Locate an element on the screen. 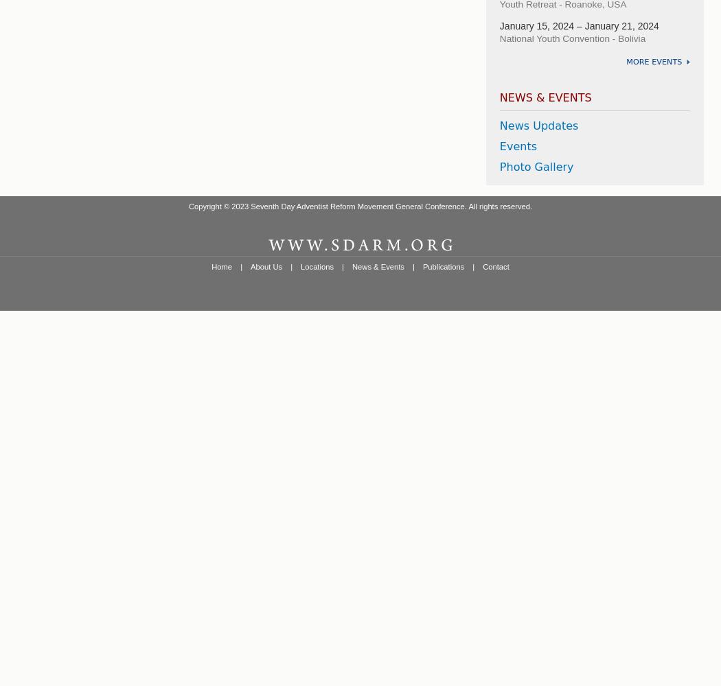  'Locations' is located at coordinates (317, 266).